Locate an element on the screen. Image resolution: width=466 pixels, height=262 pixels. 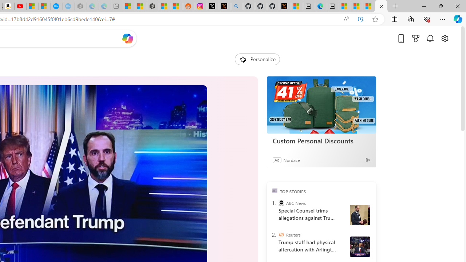
'Read aloud this page (Ctrl+Shift+U)' is located at coordinates (346, 19).